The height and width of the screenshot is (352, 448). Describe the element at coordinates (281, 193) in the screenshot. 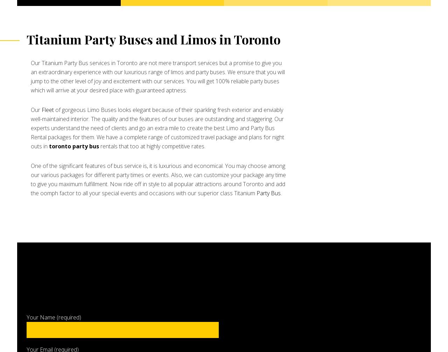

I see `'.'` at that location.